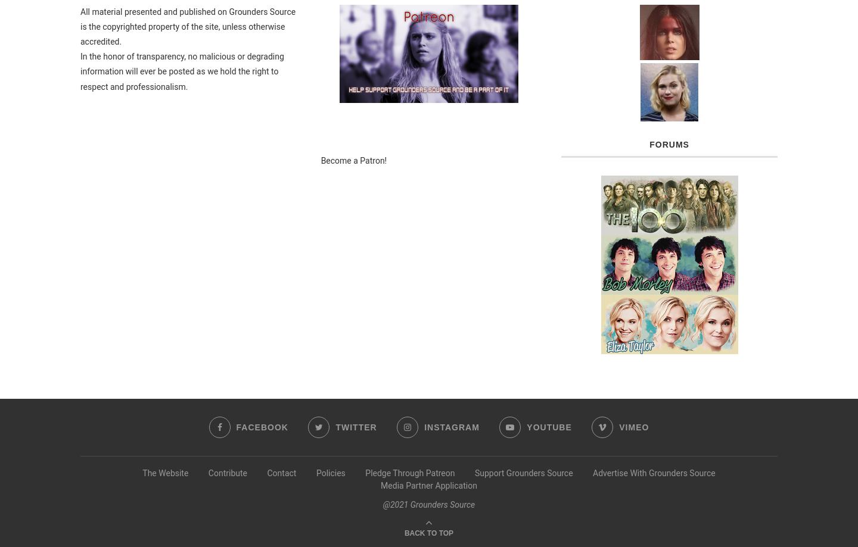 The height and width of the screenshot is (547, 858). What do you see at coordinates (618, 426) in the screenshot?
I see `'Vimeo'` at bounding box center [618, 426].